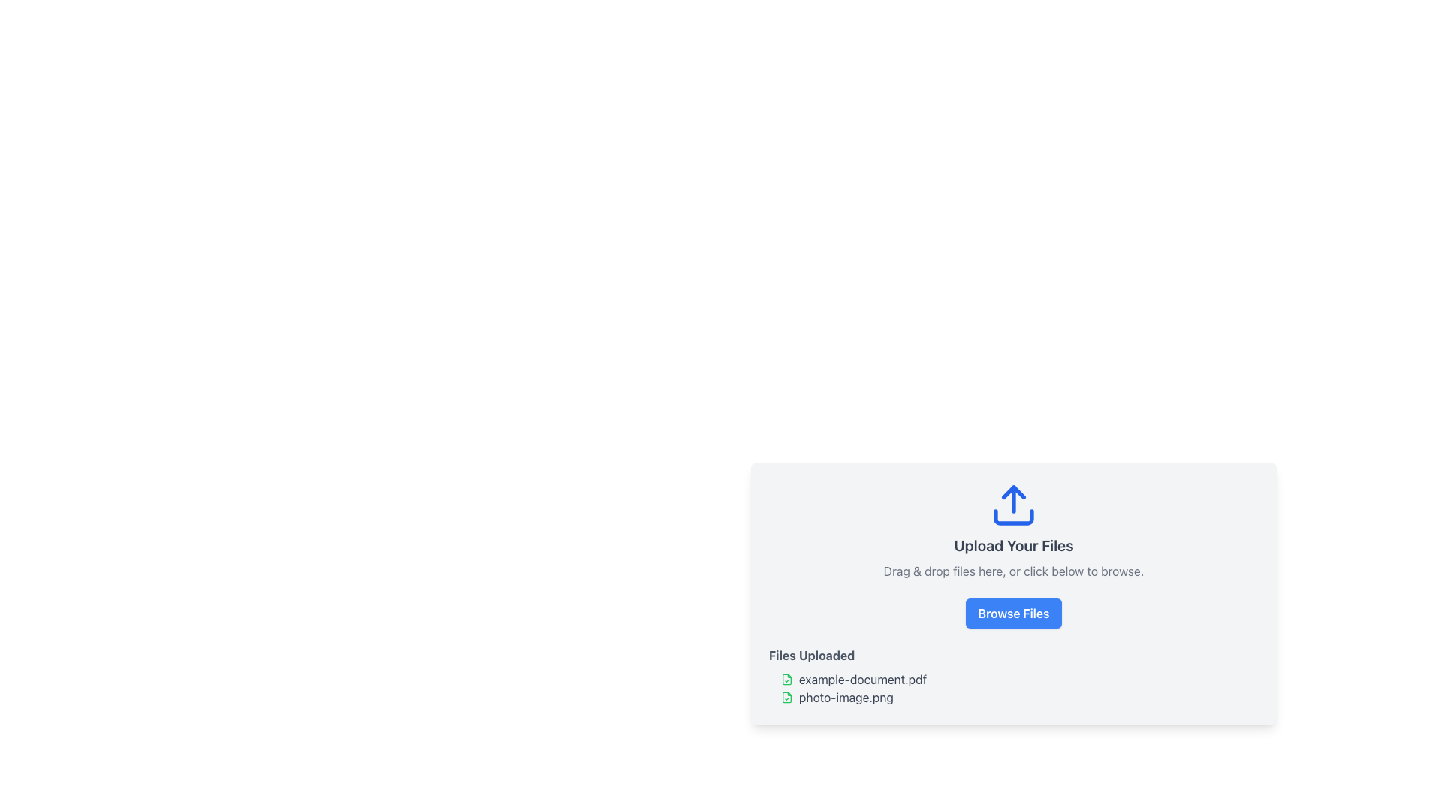 The image size is (1442, 811). What do you see at coordinates (1013, 571) in the screenshot?
I see `the instructional text label that guides users on how to upload files, located below 'Upload Your Files' and above the 'Browse Files' button` at bounding box center [1013, 571].